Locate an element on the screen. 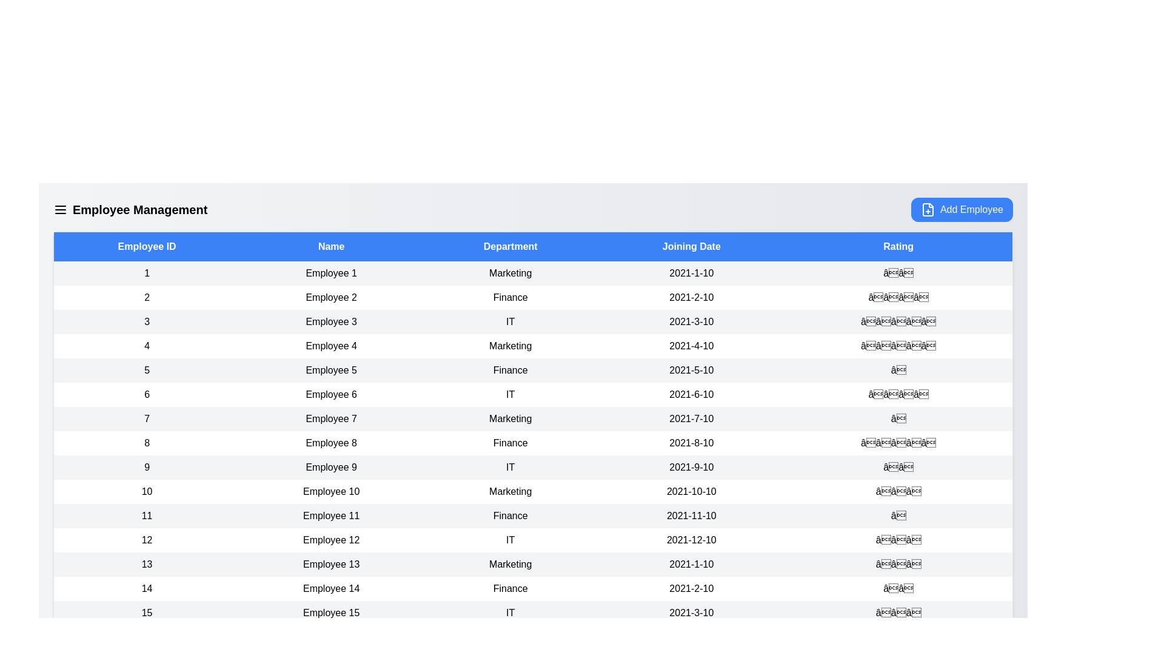  'Add Employee' button to initiate the process of adding a new employee is located at coordinates (960, 209).